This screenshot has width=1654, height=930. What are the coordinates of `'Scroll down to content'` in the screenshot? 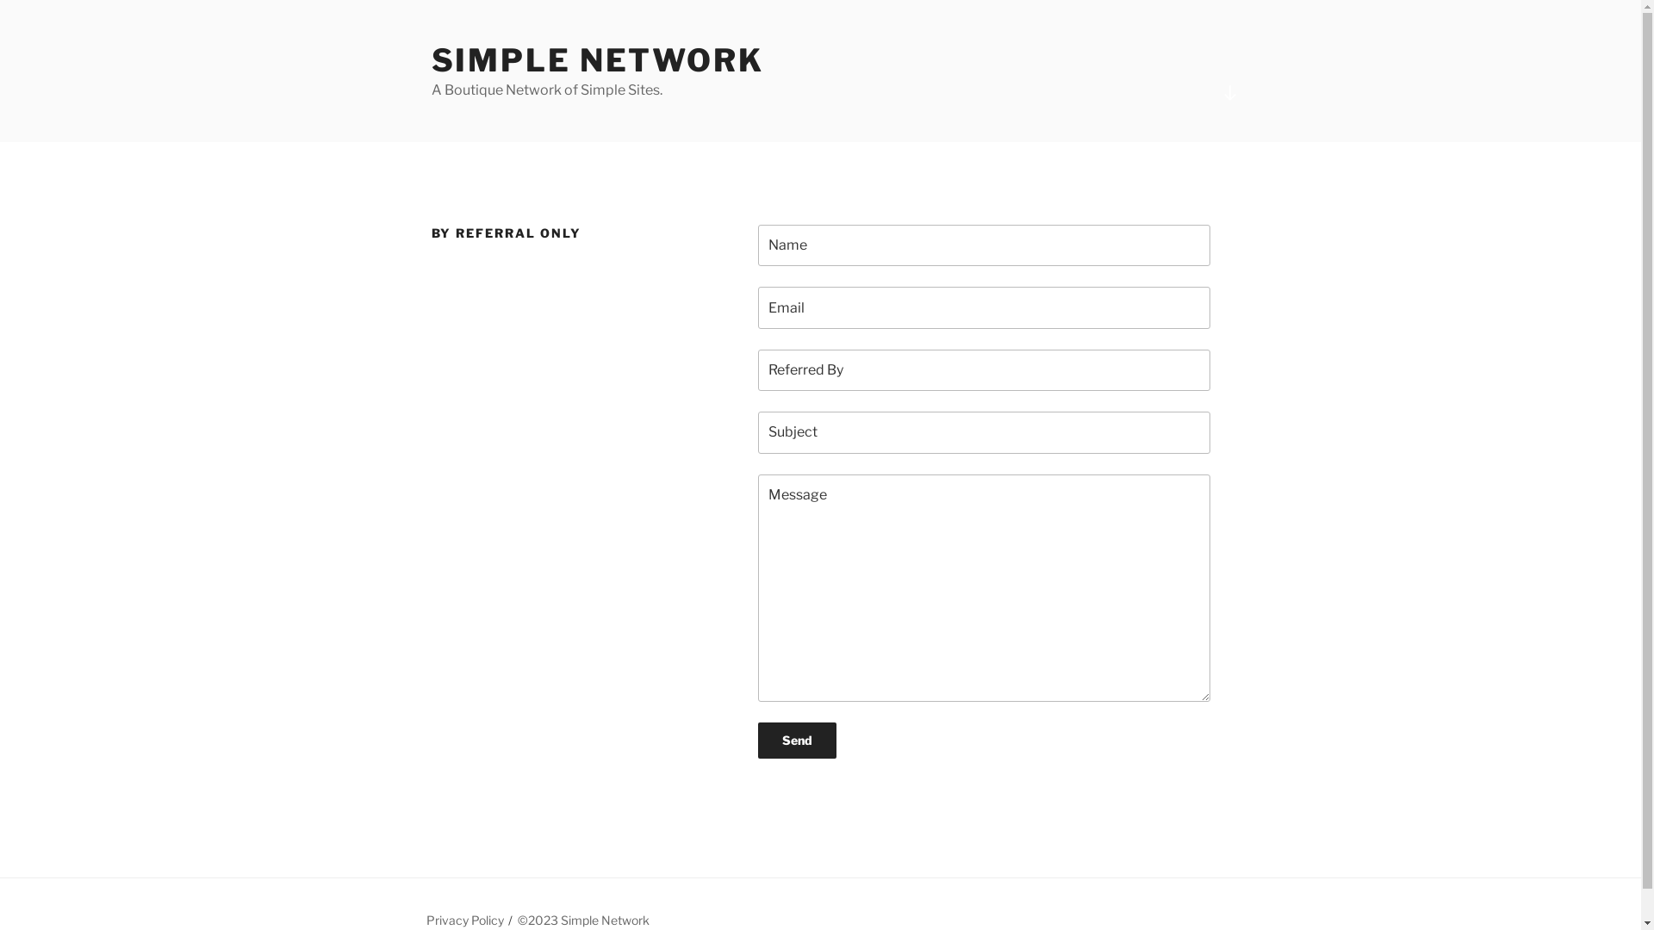 It's located at (1206, 93).